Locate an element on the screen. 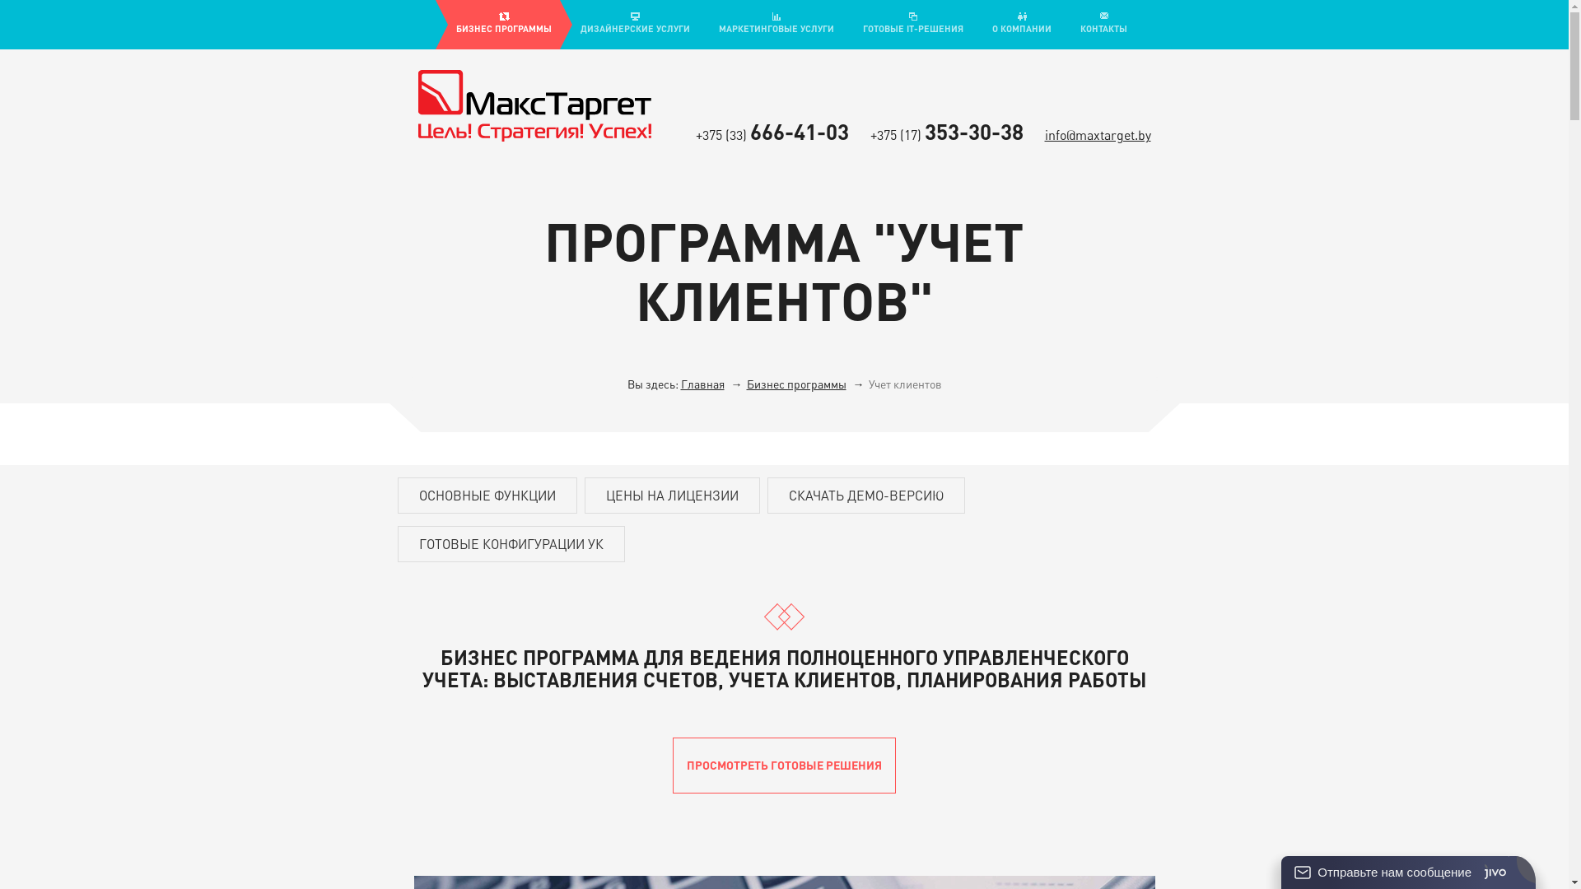  'info@maxtarget.by' is located at coordinates (1097, 134).